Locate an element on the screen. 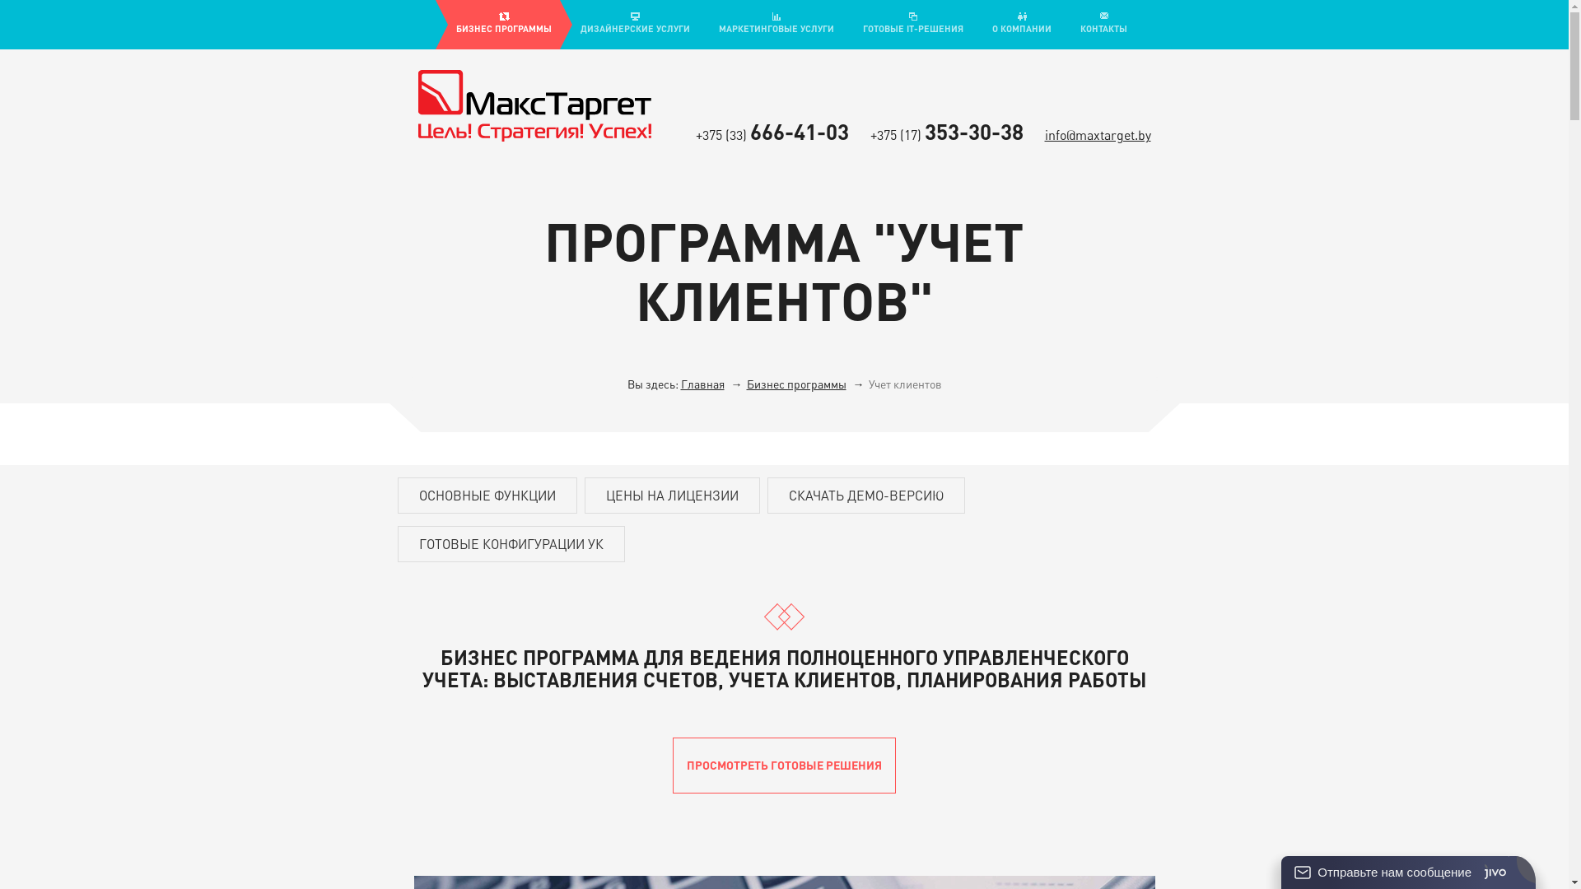  'info@maxtarget.by' is located at coordinates (1097, 134).